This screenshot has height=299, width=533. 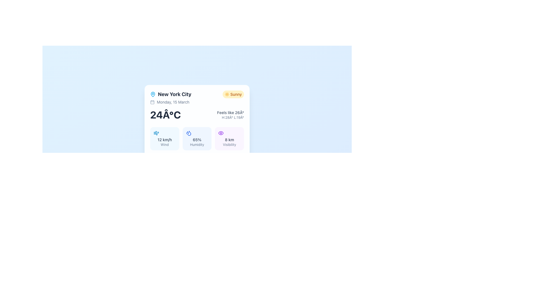 I want to click on the text label that provides additional context to the main temperature, positioned above the temperature display in the weather widget, so click(x=230, y=112).